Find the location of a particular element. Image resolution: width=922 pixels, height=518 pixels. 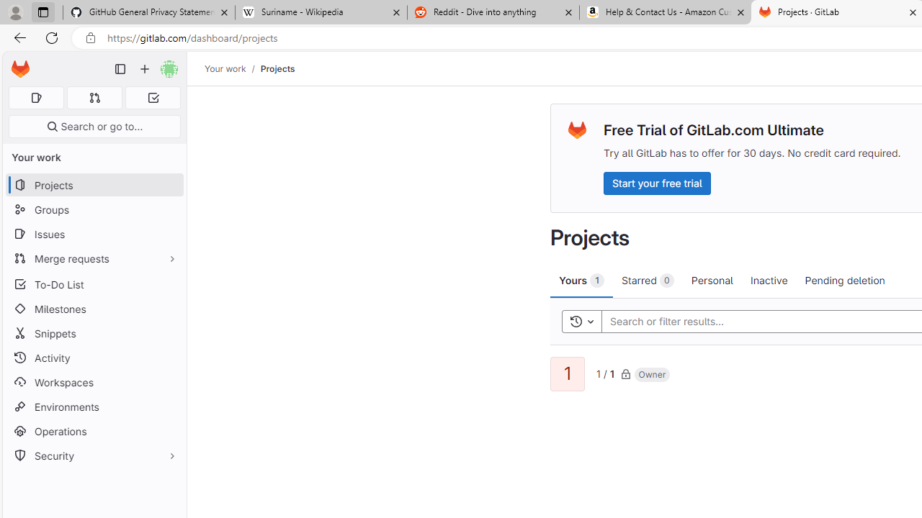

'Merge requests 0' is located at coordinates (94, 97).